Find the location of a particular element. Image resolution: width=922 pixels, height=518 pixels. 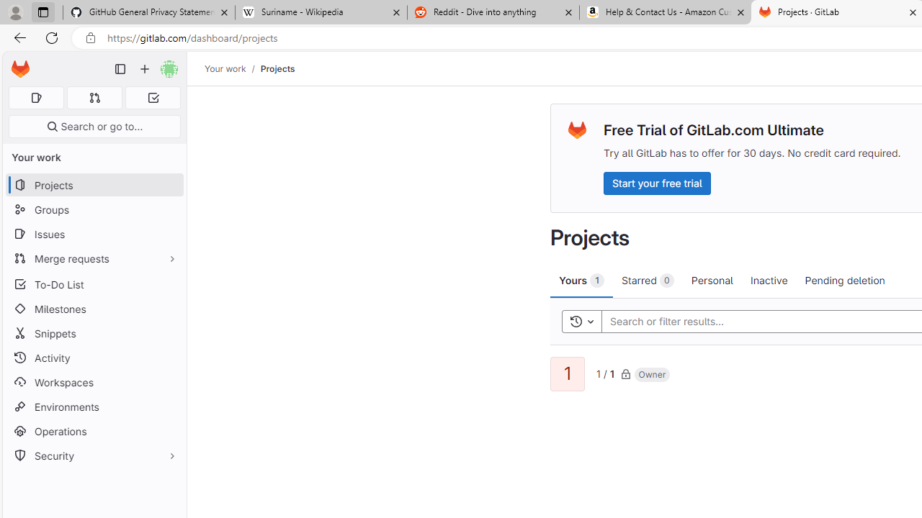

'Merge requests 0' is located at coordinates (94, 97).